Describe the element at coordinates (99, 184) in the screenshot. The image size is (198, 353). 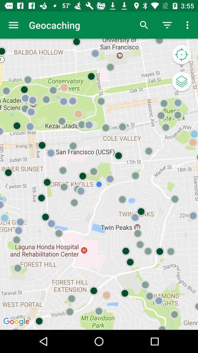
I see `icon at the center` at that location.